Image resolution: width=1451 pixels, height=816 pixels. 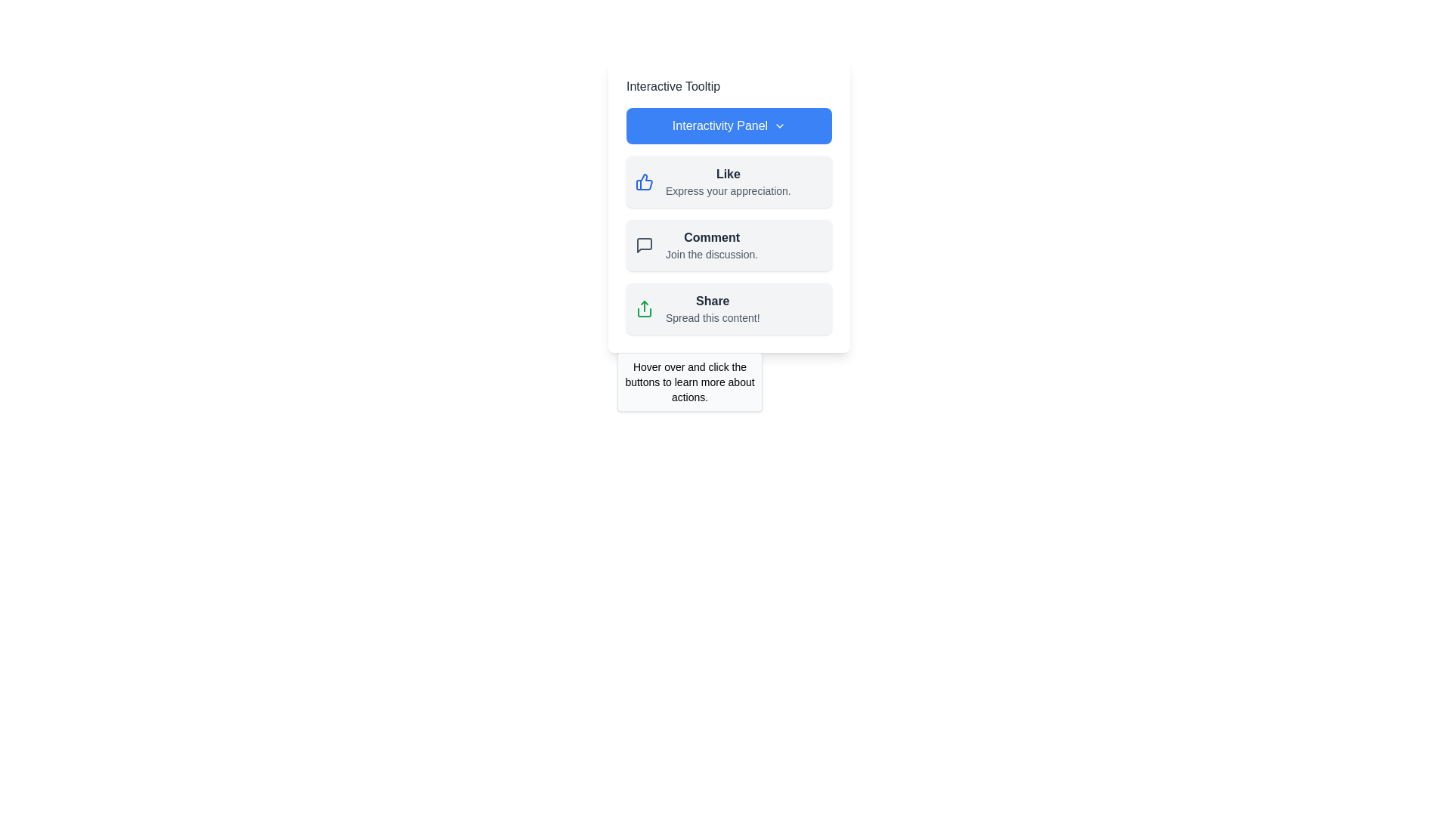 I want to click on the text label displaying 'Express your appreciation.' which is located below the 'Like' heading in the interactive tooltip menu, so click(x=728, y=190).